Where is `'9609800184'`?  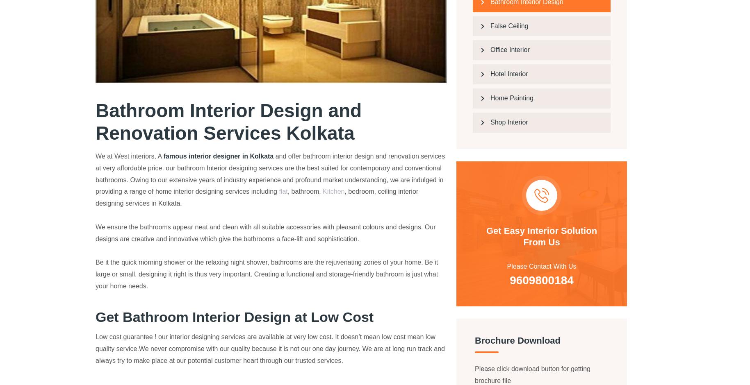 '9609800184' is located at coordinates (531, 330).